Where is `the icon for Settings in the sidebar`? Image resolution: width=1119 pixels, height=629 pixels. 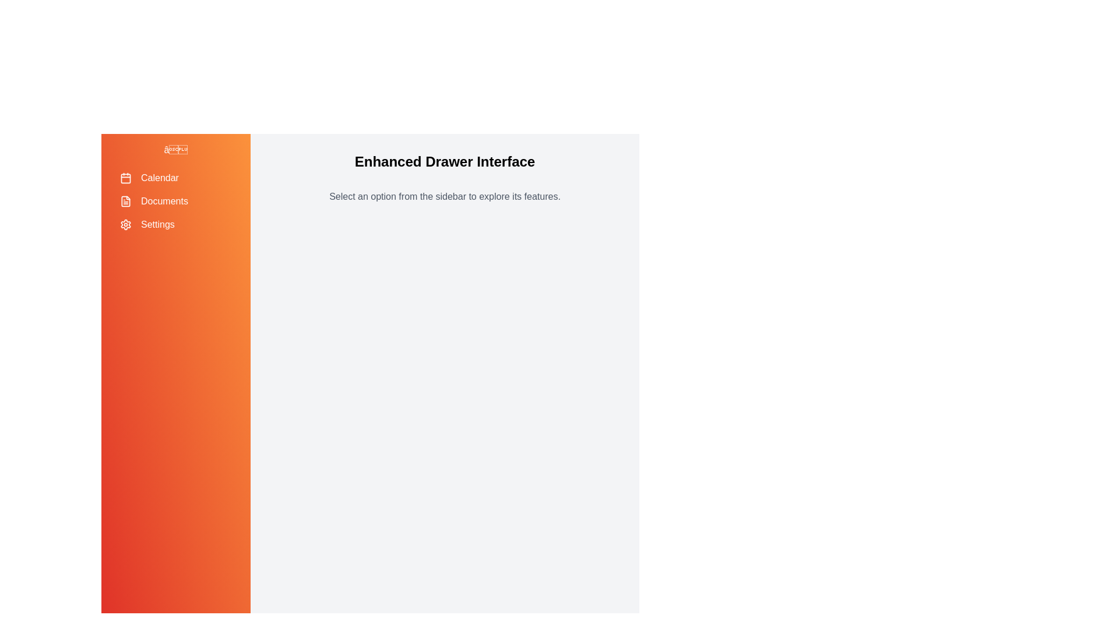 the icon for Settings in the sidebar is located at coordinates (126, 224).